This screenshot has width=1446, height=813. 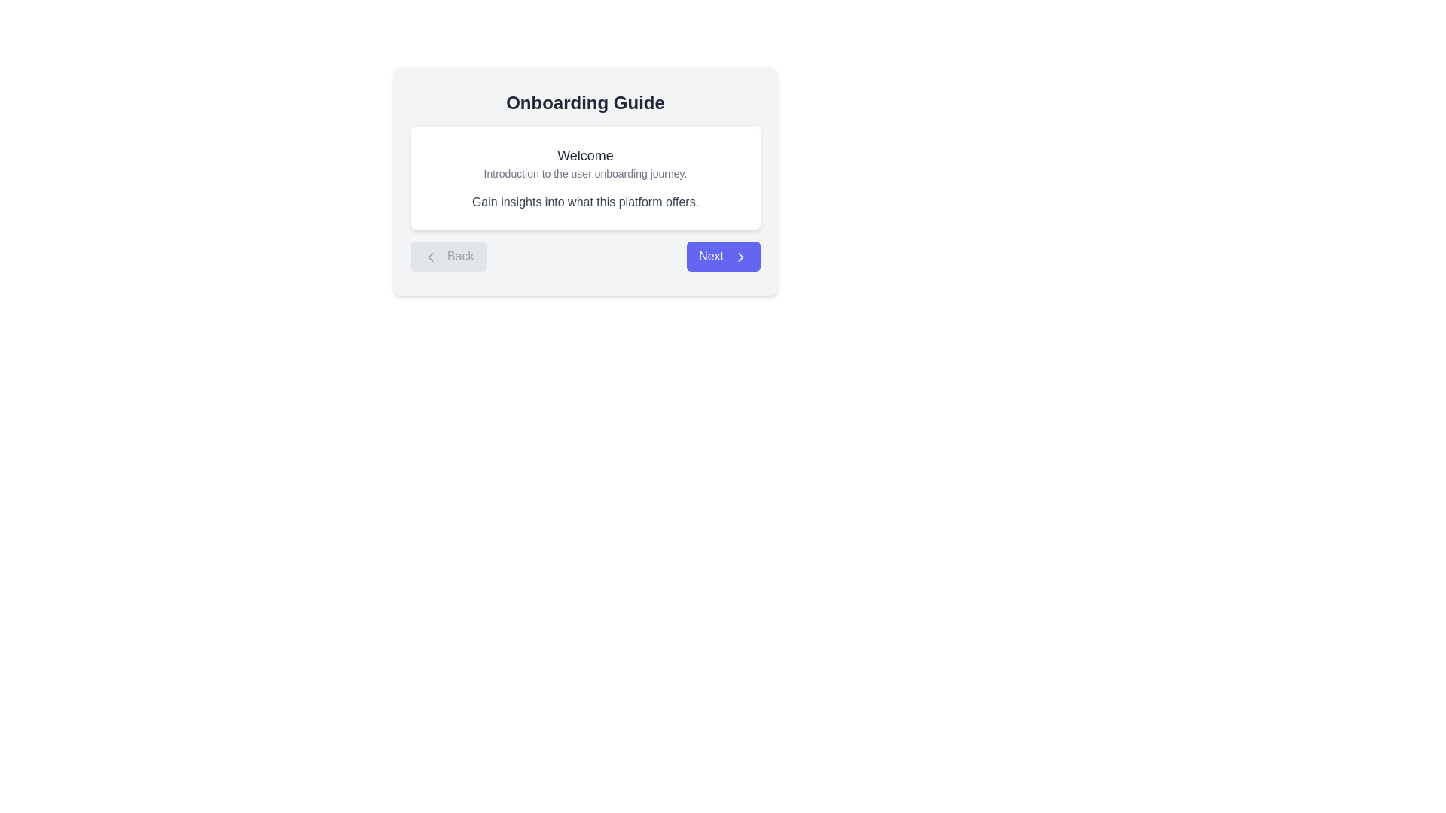 What do you see at coordinates (429, 256) in the screenshot?
I see `the left-facing chevron icon used for navigation, located in the back button area of the onboarding card, aligning with the 'Back' text` at bounding box center [429, 256].